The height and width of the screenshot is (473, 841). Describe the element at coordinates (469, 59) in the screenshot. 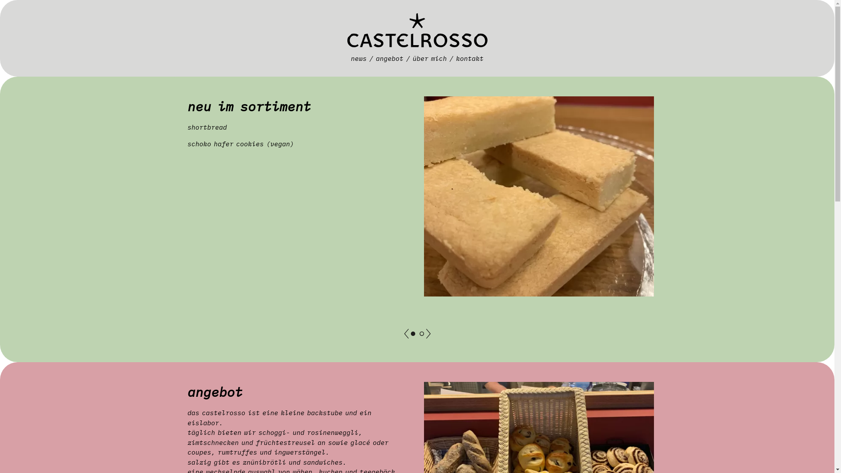

I see `'kontakt'` at that location.